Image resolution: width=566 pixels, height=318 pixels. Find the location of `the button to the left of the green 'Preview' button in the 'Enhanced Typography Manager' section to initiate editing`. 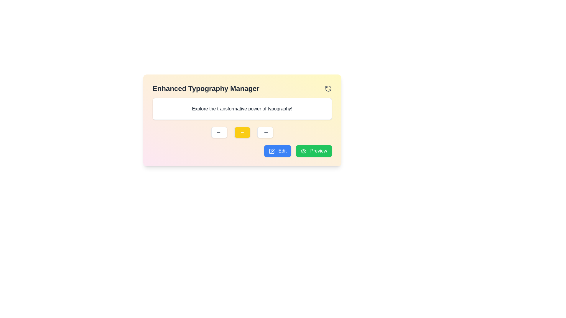

the button to the left of the green 'Preview' button in the 'Enhanced Typography Manager' section to initiate editing is located at coordinates (277, 151).